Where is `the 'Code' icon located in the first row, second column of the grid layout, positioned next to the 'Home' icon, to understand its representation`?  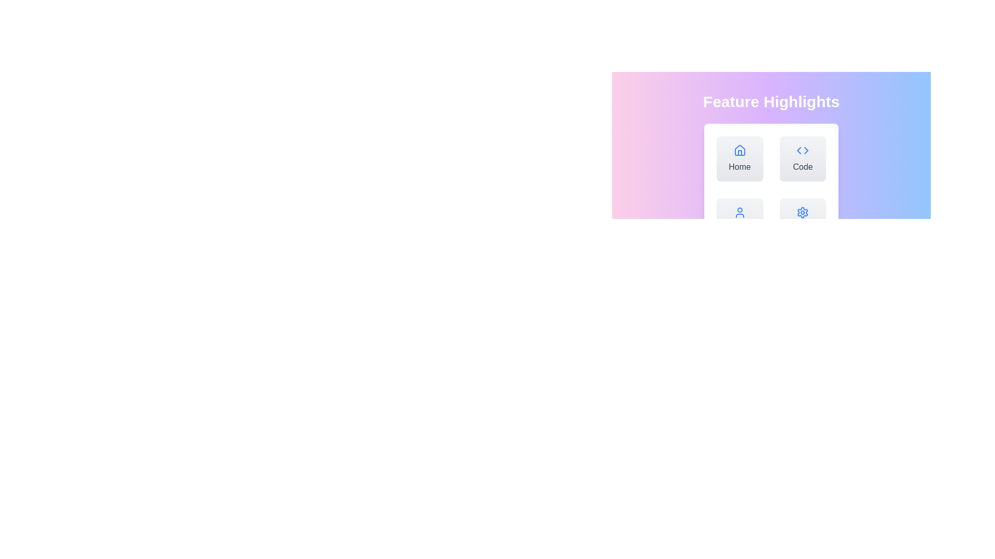
the 'Code' icon located in the first row, second column of the grid layout, positioned next to the 'Home' icon, to understand its representation is located at coordinates (802, 150).